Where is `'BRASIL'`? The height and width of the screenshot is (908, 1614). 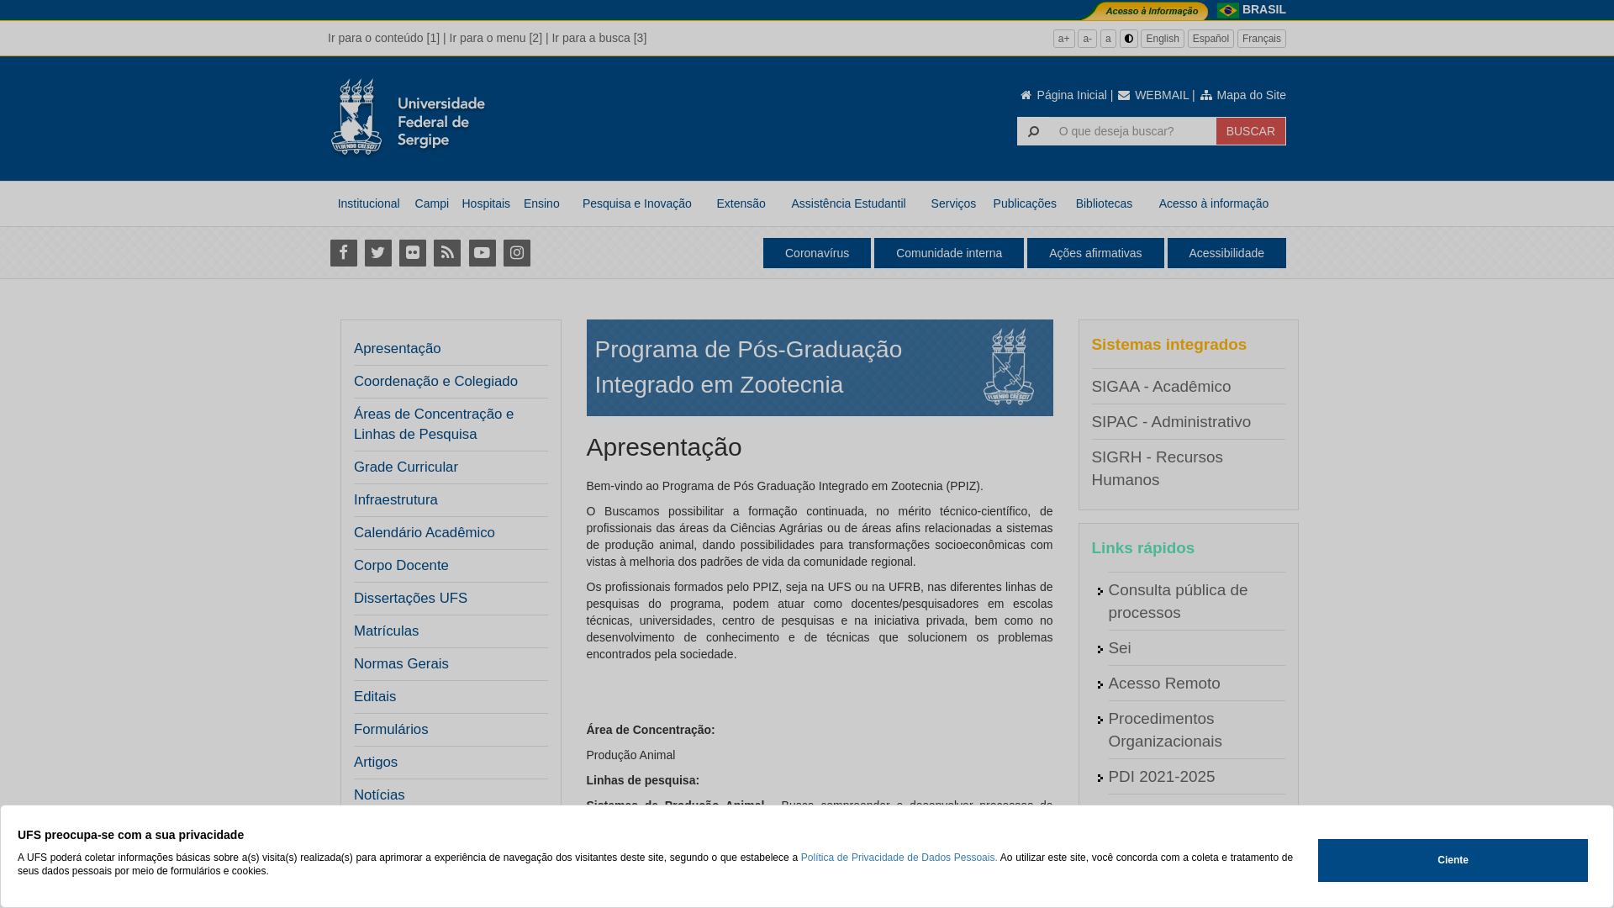
'BRASIL' is located at coordinates (1263, 9).